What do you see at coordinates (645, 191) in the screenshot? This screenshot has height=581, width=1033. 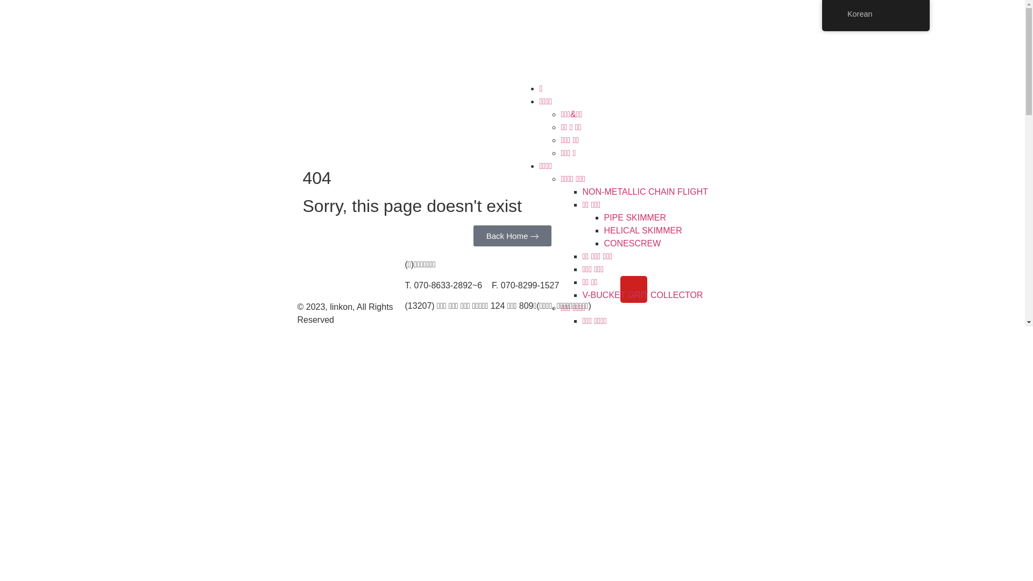 I see `'NON-METALLIC CHAIN FLIGHT'` at bounding box center [645, 191].